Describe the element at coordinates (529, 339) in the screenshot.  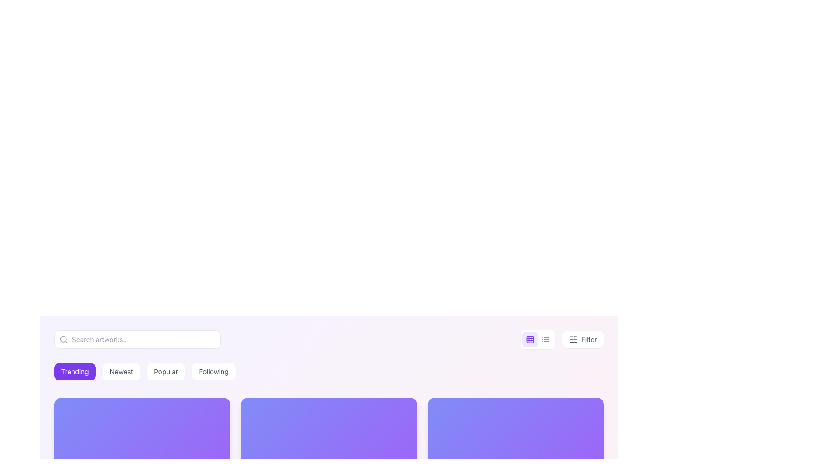
I see `the button displaying a grid icon` at that location.